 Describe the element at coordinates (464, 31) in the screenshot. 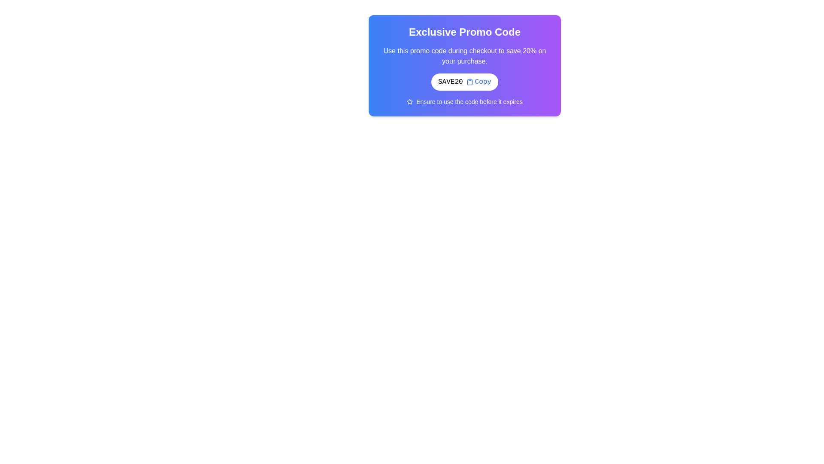

I see `the text element that serves as the heading, which introduces the content and emphasizes the promotional offer at the top center of the layout` at that location.